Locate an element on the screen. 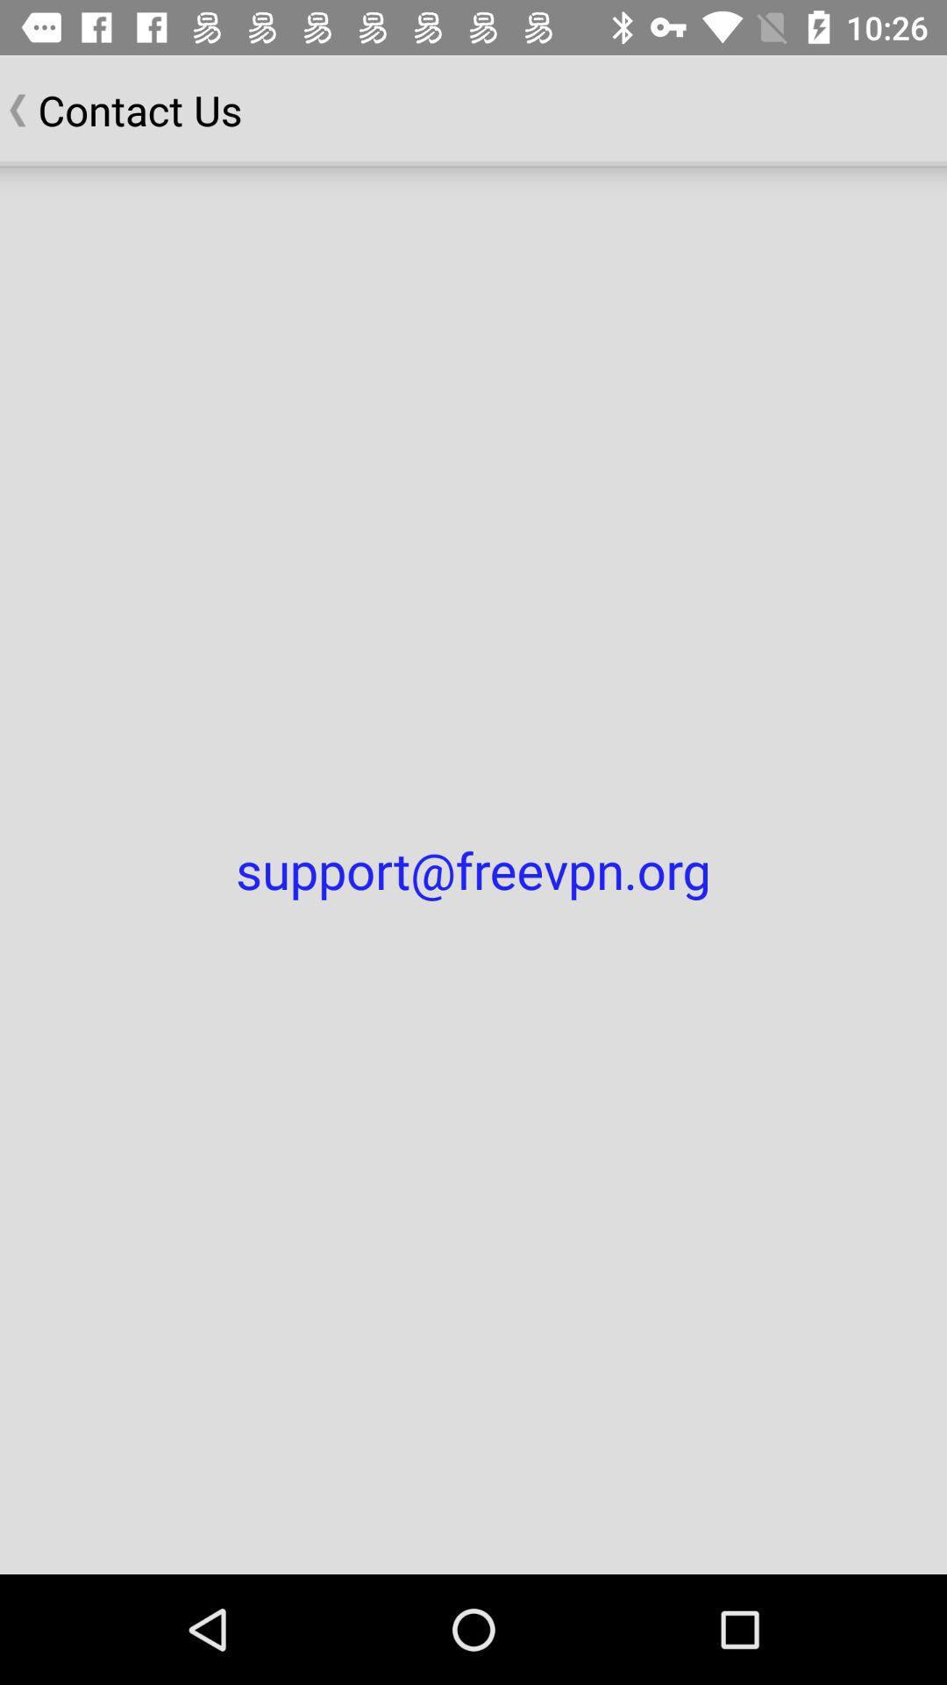  the support@freevpn.org is located at coordinates (473, 870).